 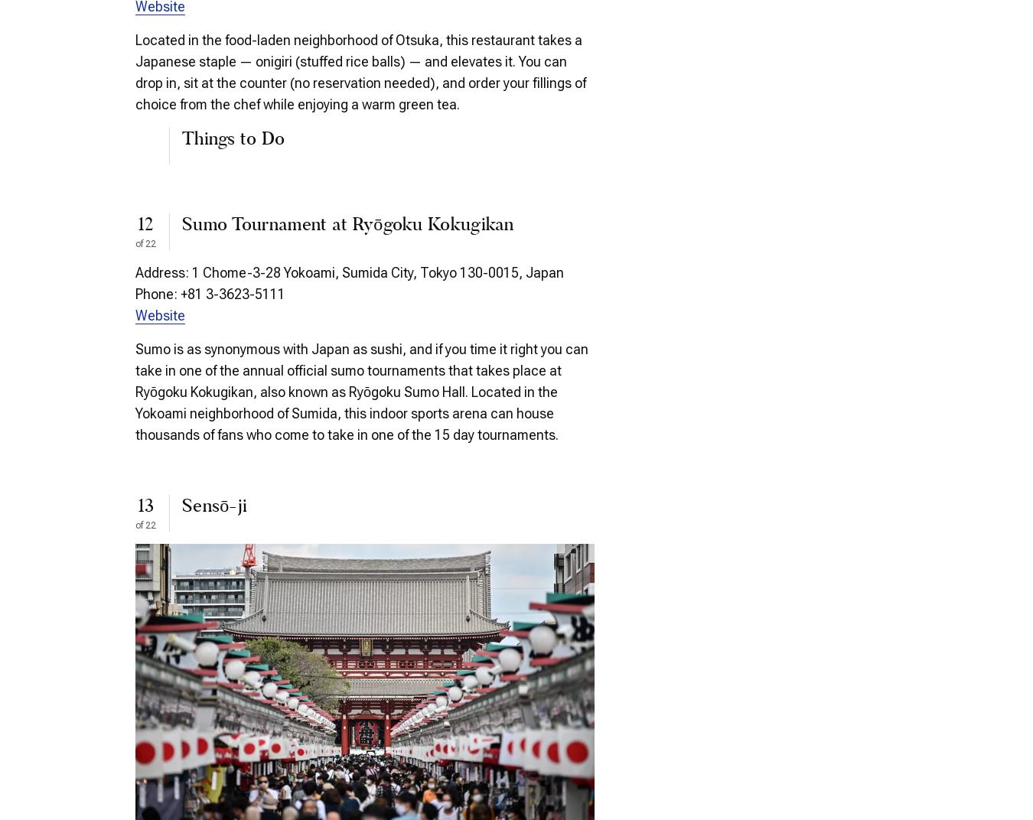 What do you see at coordinates (145, 507) in the screenshot?
I see `'13'` at bounding box center [145, 507].